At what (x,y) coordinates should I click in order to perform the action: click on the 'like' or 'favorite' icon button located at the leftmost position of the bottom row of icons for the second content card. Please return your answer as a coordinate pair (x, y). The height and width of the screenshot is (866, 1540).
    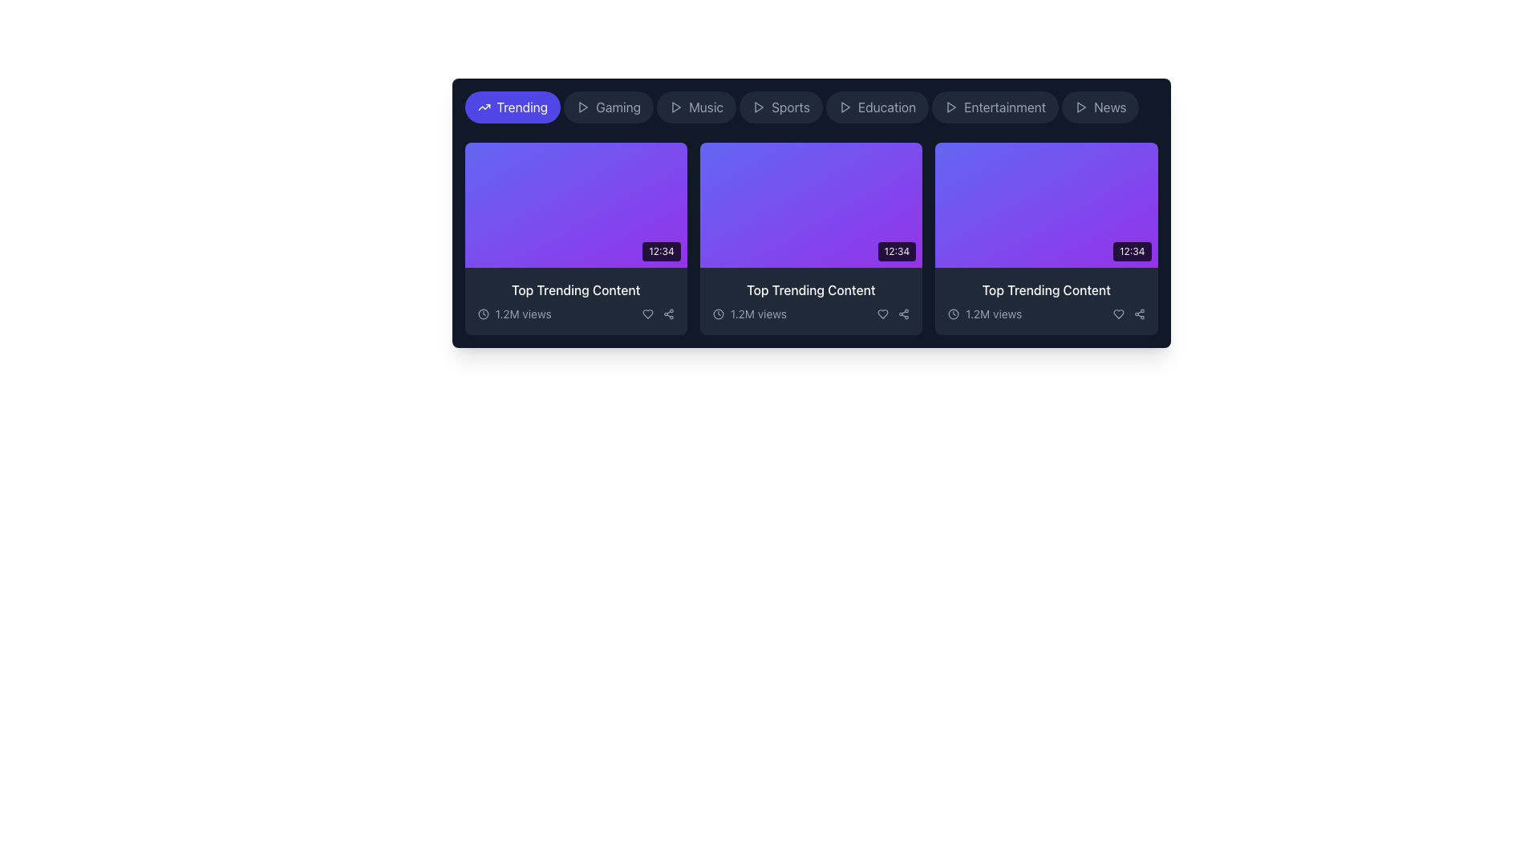
    Looking at the image, I should click on (882, 314).